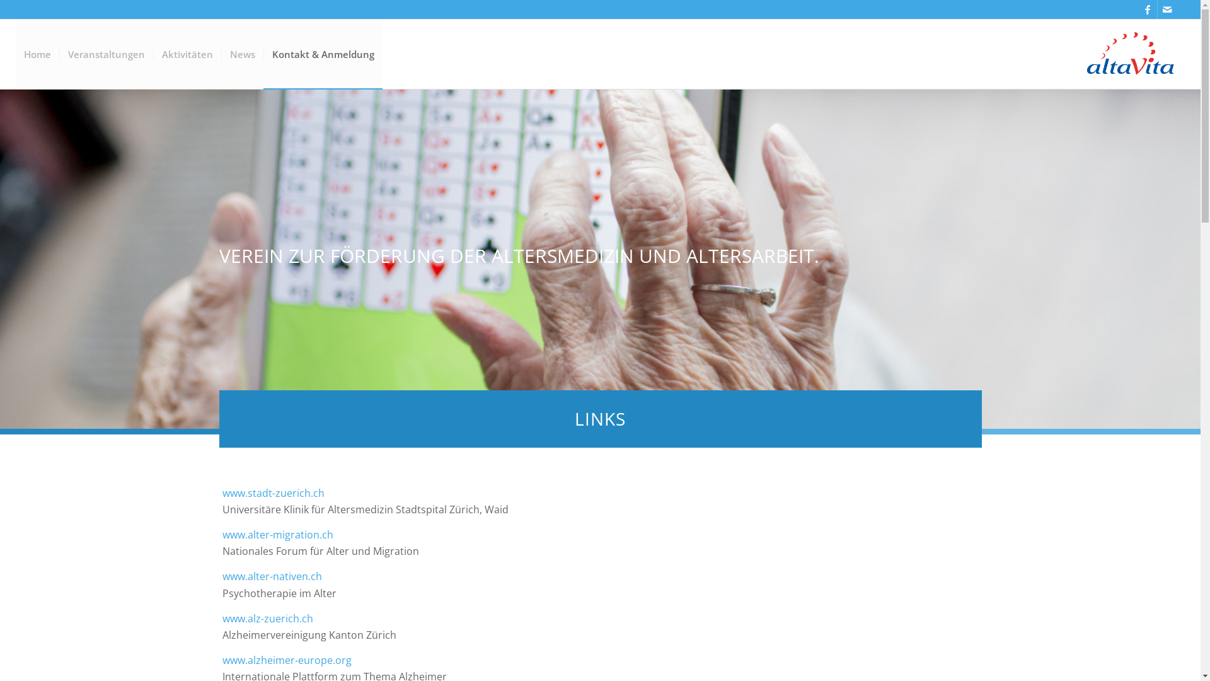 The width and height of the screenshot is (1210, 681). I want to click on 'www.stadt-zuerich.ch', so click(272, 492).